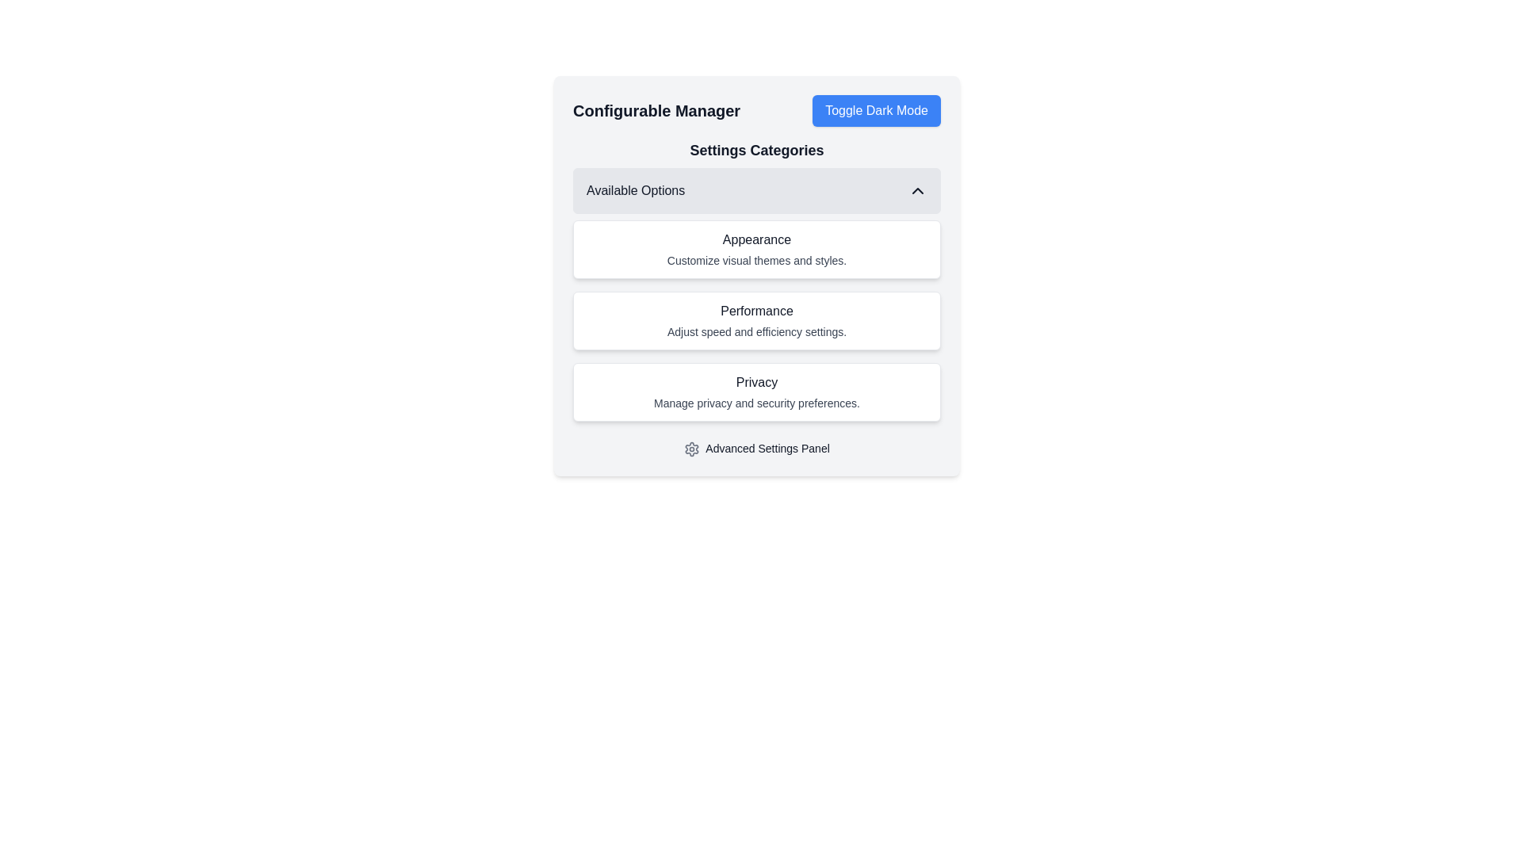 The image size is (1522, 856). Describe the element at coordinates (756, 150) in the screenshot. I see `the text label reading 'Settings Categories' which is styled with a bold font and serves as a heading for the section, positioned below 'Configurable Manager.'` at that location.